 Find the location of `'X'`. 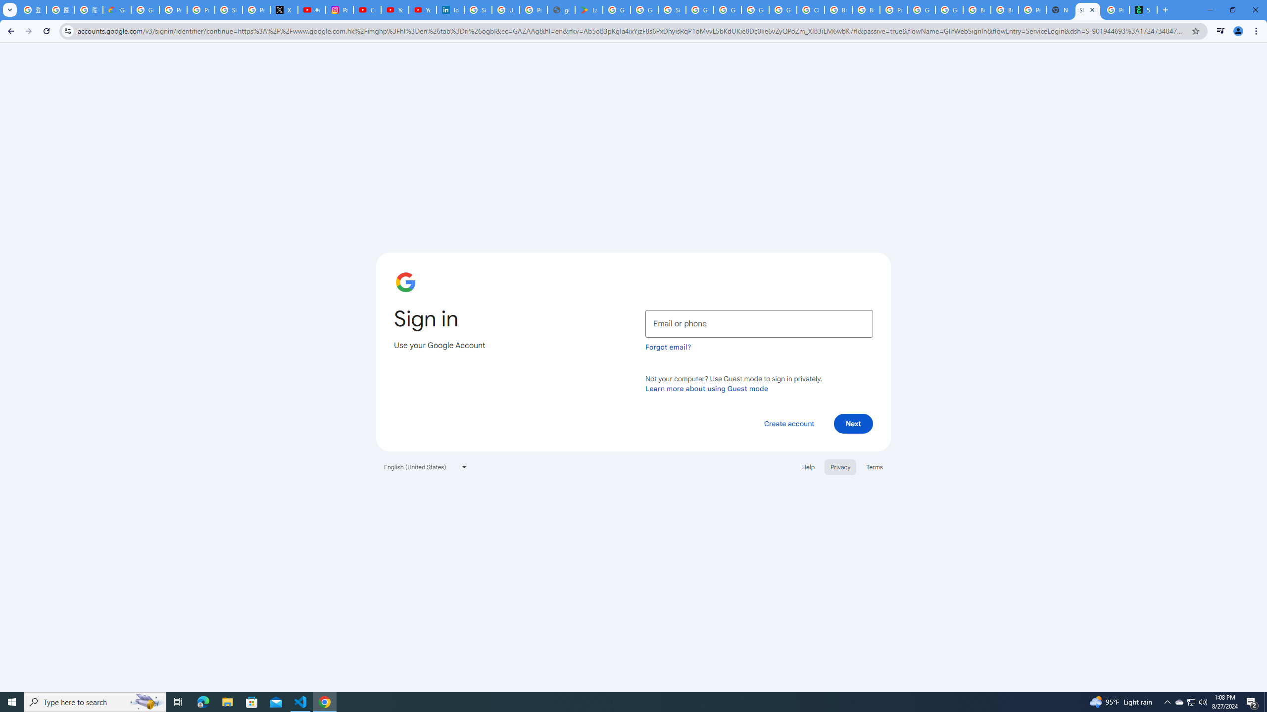

'X' is located at coordinates (284, 9).